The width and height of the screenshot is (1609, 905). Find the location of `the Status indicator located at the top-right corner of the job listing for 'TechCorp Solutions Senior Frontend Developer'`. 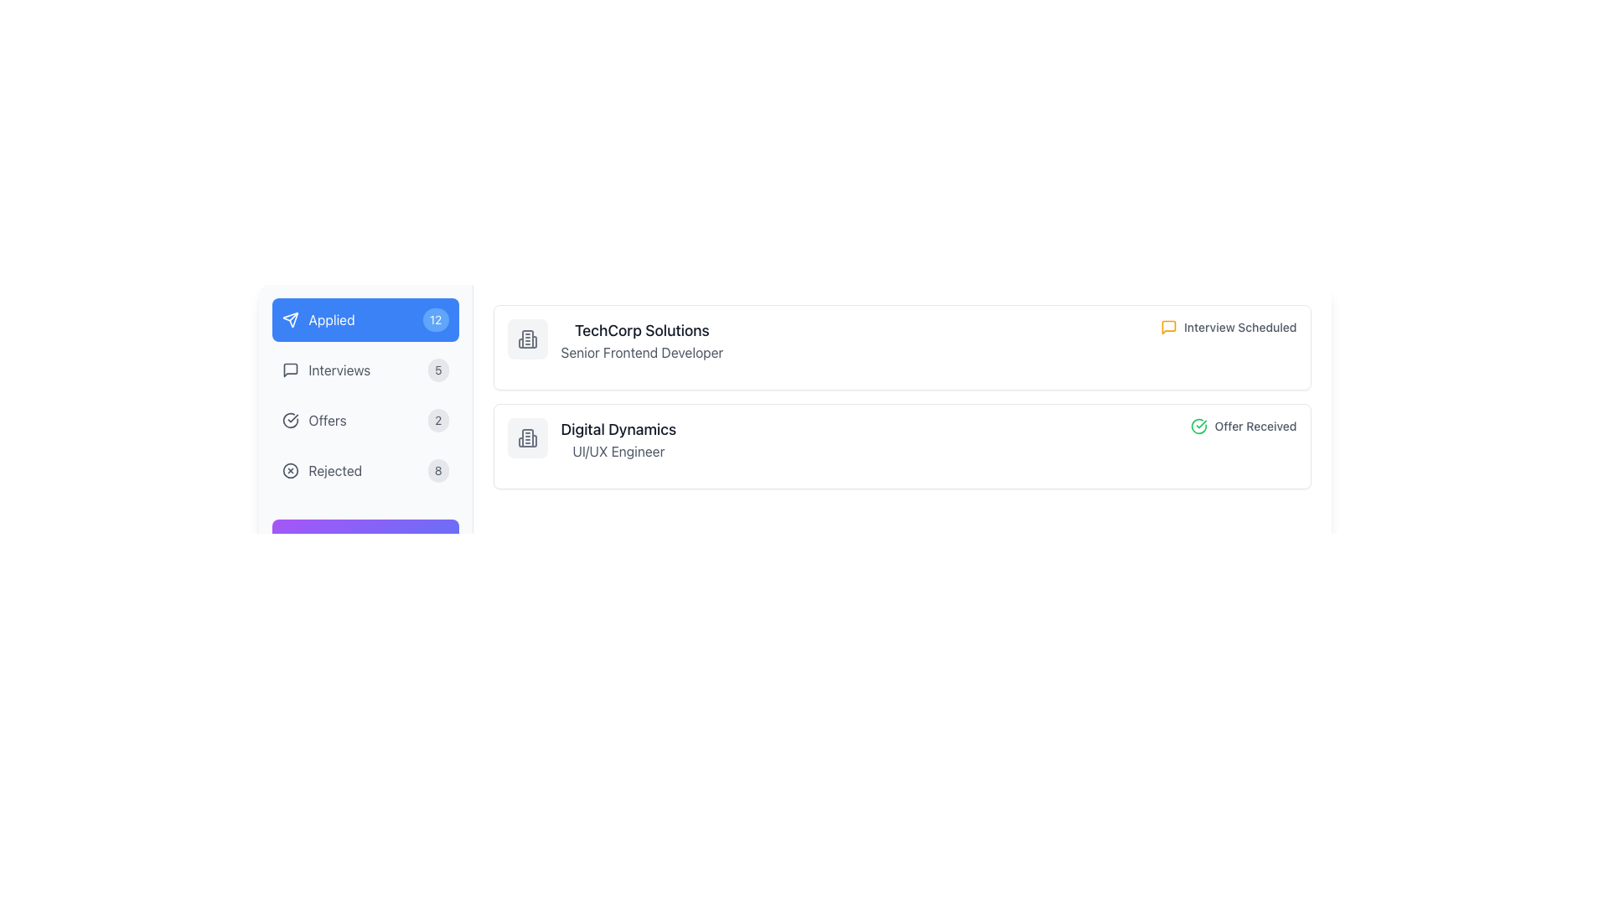

the Status indicator located at the top-right corner of the job listing for 'TechCorp Solutions Senior Frontend Developer' is located at coordinates (1229, 327).